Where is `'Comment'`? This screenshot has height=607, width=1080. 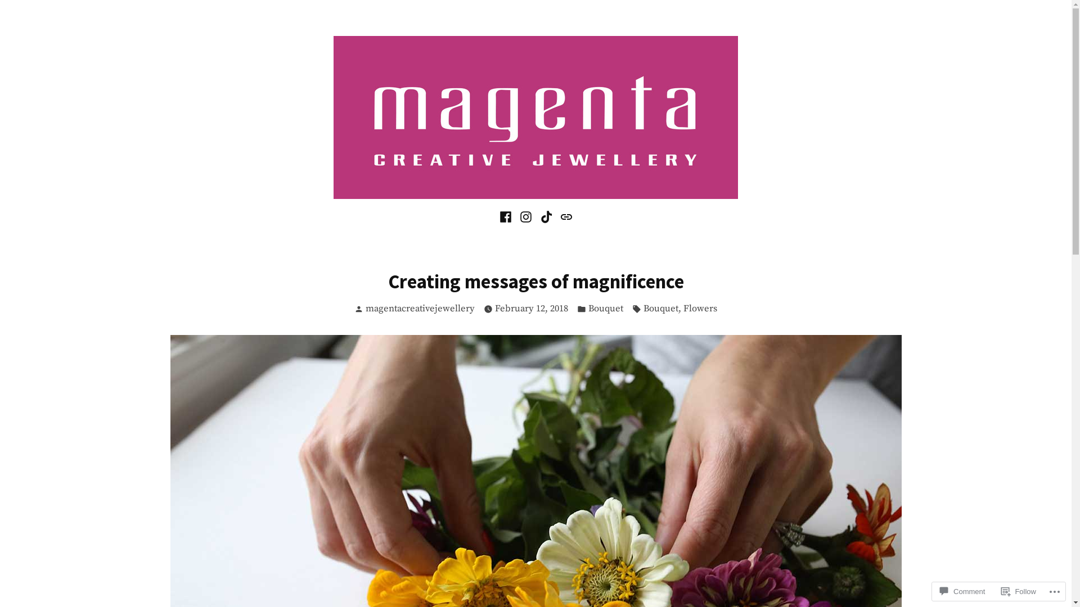
'Comment' is located at coordinates (961, 591).